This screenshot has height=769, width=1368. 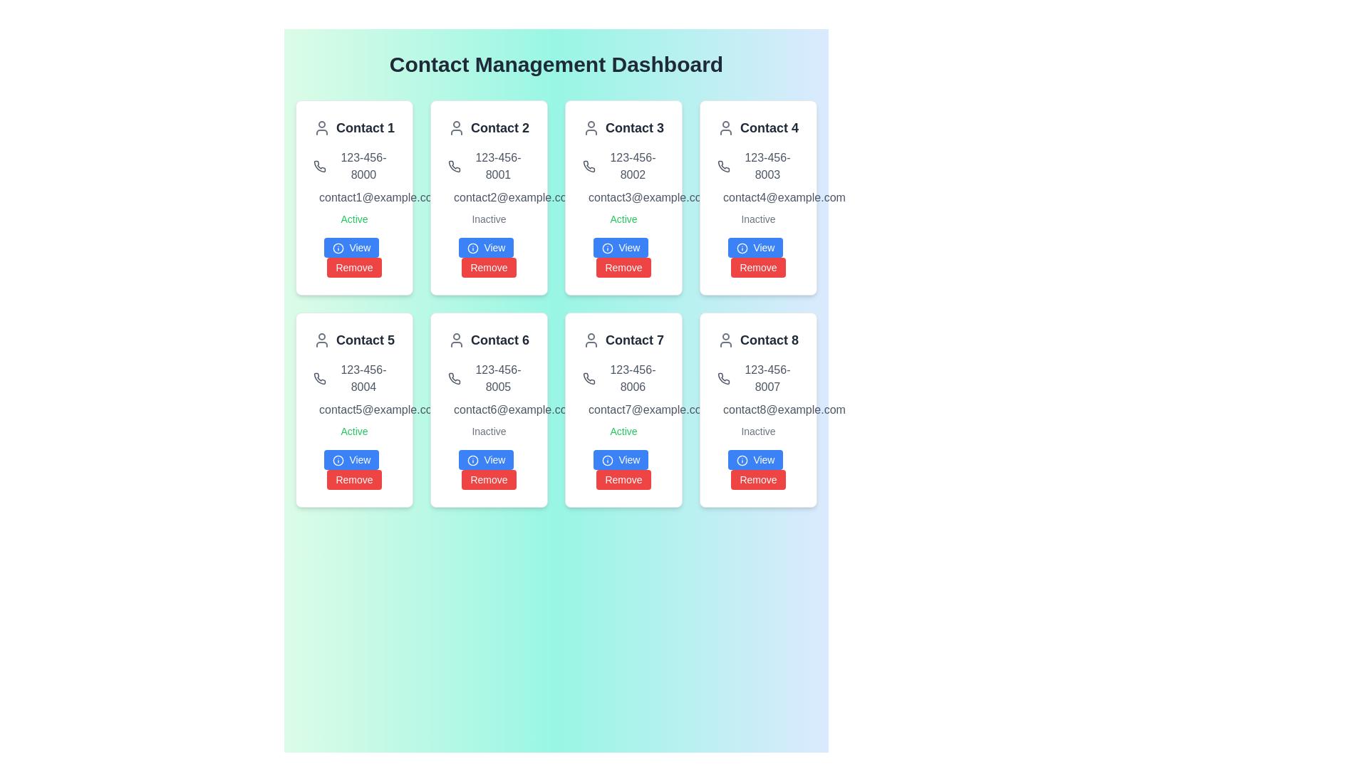 What do you see at coordinates (757, 480) in the screenshot?
I see `the 'Remove' button located in the fourth column of the bottom row of the button group` at bounding box center [757, 480].